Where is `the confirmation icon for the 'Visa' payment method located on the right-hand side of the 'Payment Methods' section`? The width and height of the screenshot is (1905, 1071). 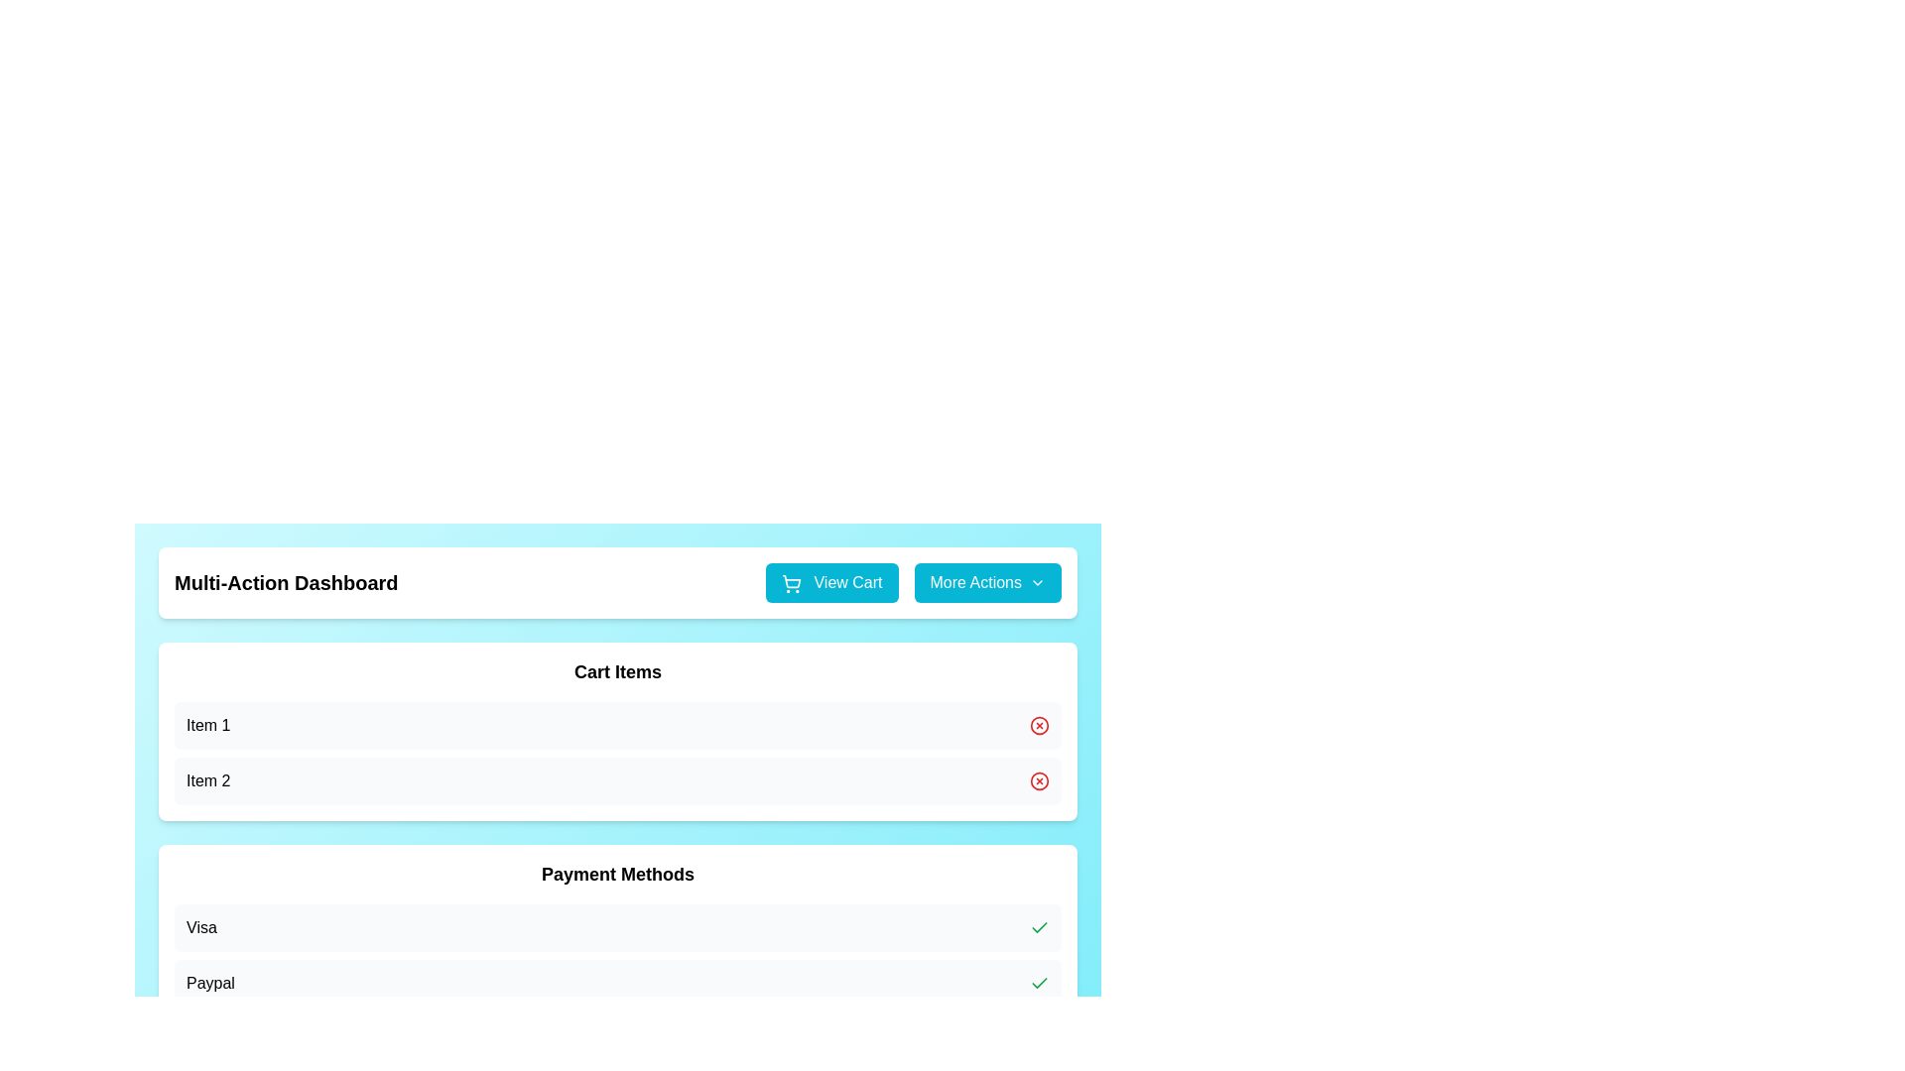
the confirmation icon for the 'Visa' payment method located on the right-hand side of the 'Payment Methods' section is located at coordinates (1038, 928).